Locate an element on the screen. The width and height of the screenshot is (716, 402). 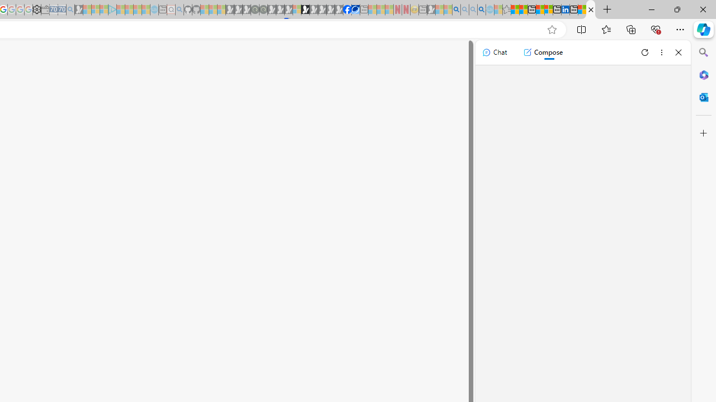
'LinkedIn' is located at coordinates (565, 9).